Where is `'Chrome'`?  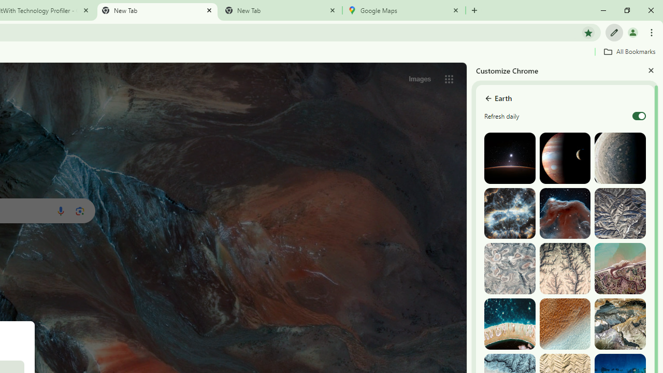
'Chrome' is located at coordinates (652, 32).